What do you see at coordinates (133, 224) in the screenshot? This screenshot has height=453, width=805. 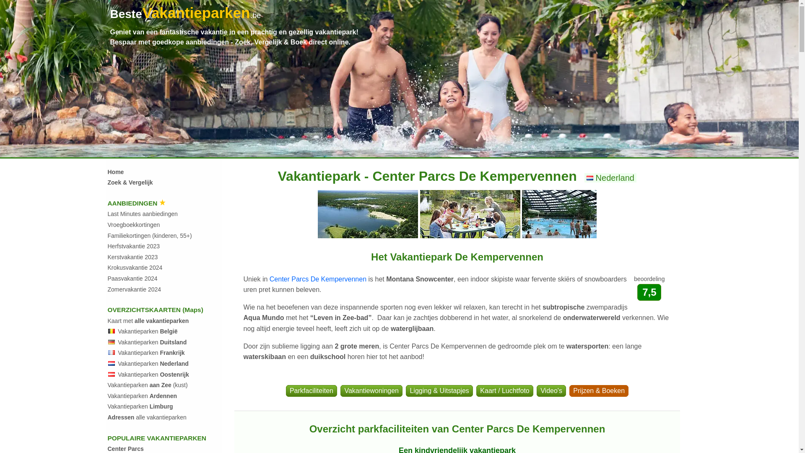 I see `'Vroegboekkortingen'` at bounding box center [133, 224].